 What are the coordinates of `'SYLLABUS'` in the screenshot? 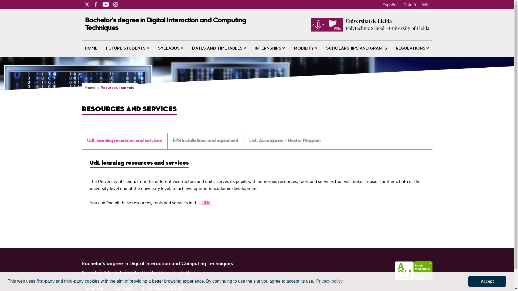 It's located at (170, 48).